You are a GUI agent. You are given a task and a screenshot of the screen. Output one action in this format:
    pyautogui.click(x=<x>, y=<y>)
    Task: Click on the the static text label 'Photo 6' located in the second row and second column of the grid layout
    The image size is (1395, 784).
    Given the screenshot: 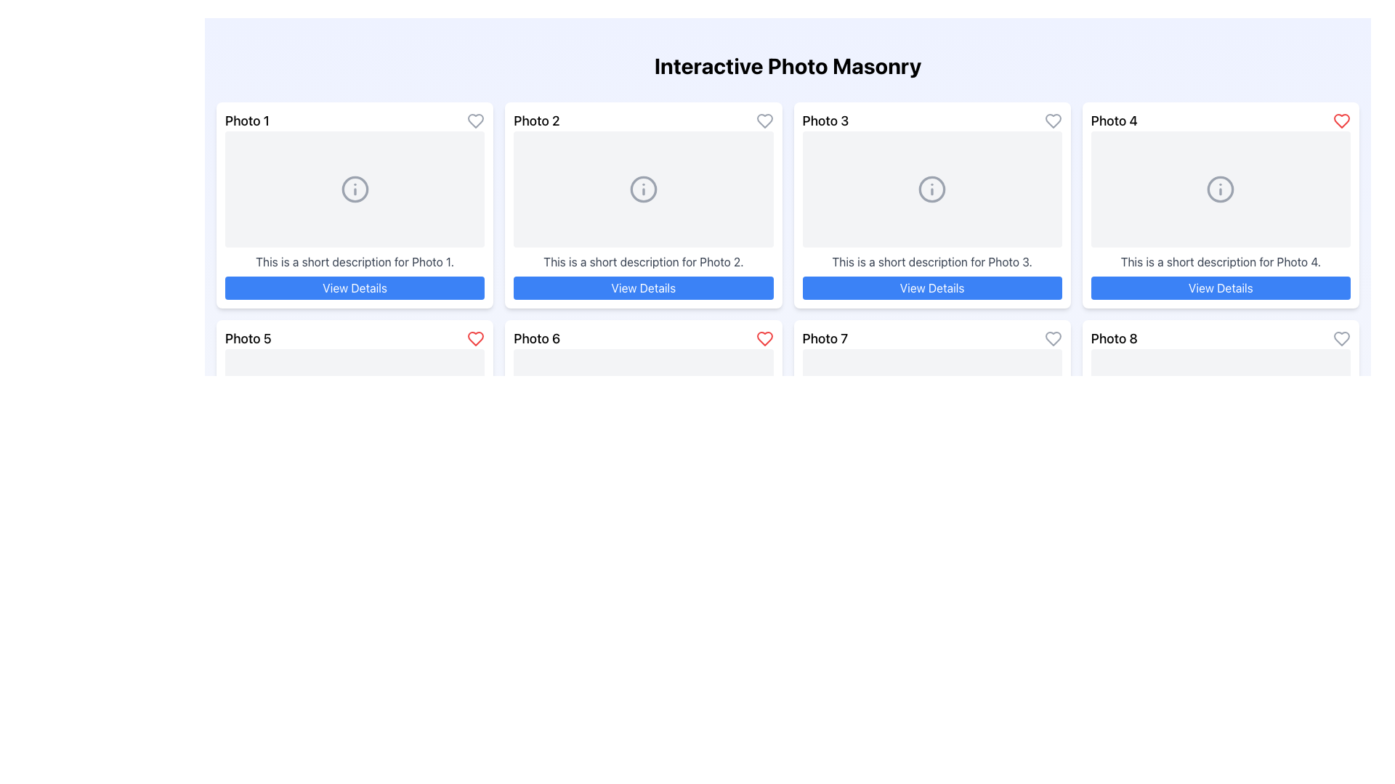 What is the action you would take?
    pyautogui.click(x=536, y=338)
    